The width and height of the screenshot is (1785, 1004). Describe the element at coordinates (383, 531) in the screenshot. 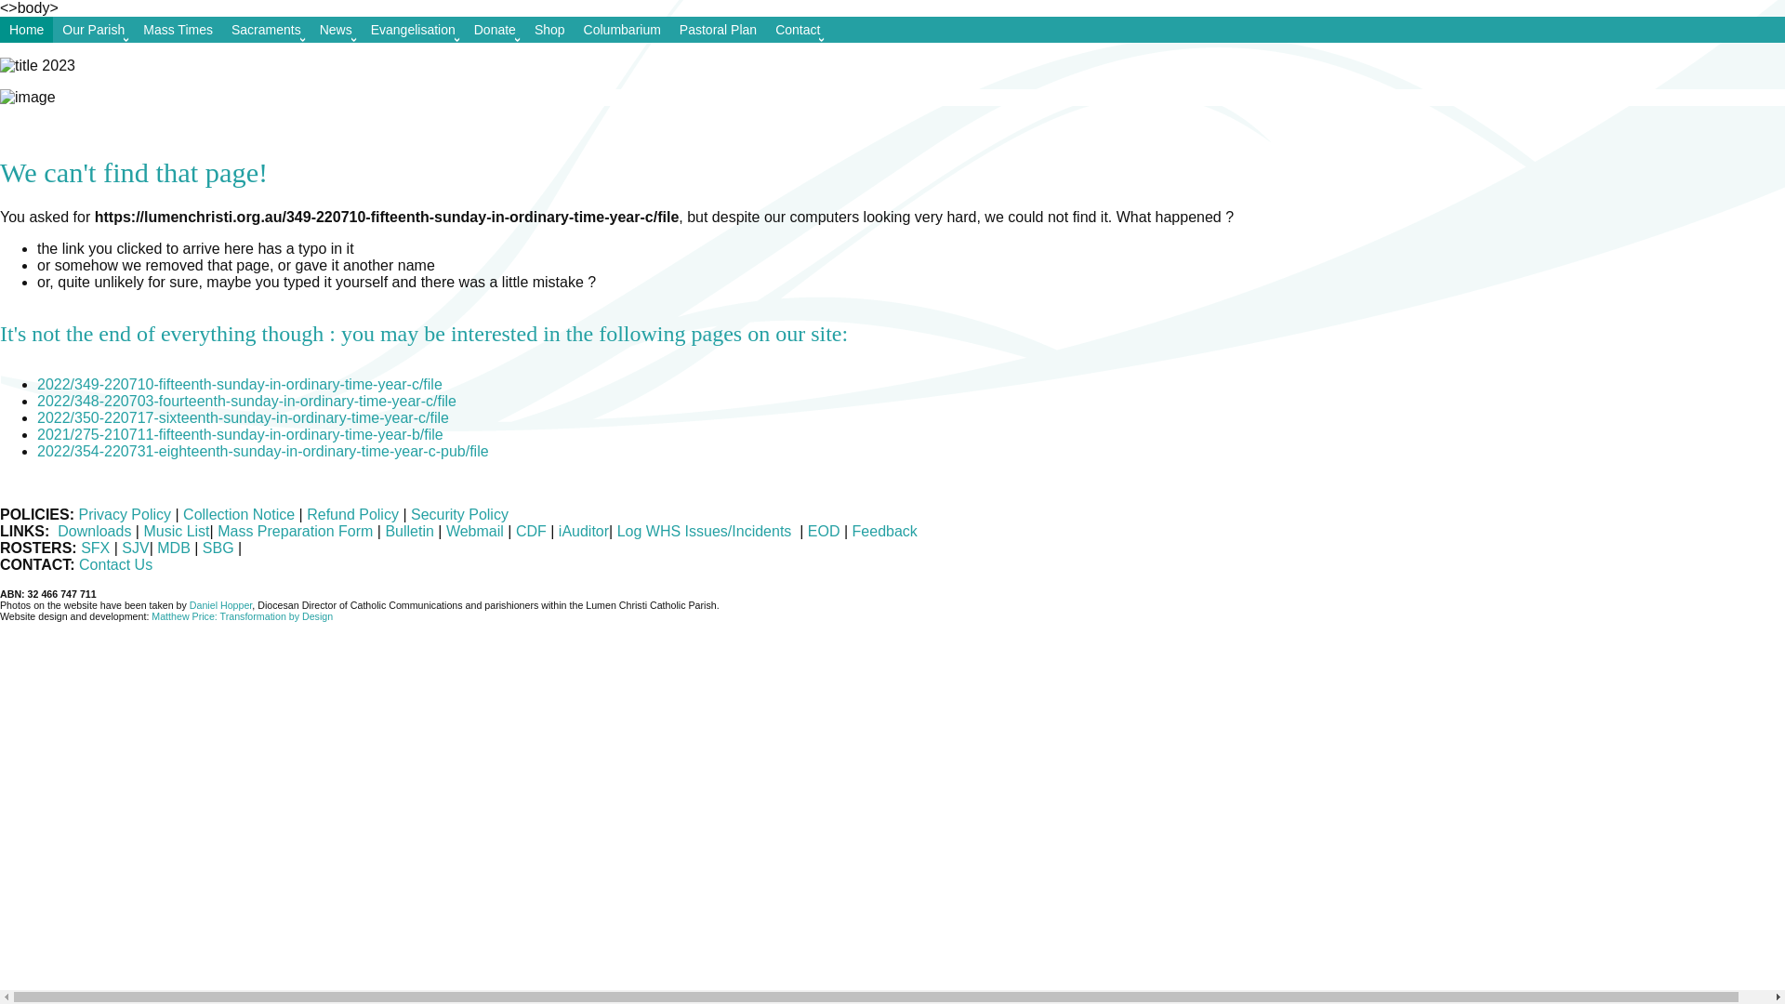

I see `'Bulletin'` at that location.